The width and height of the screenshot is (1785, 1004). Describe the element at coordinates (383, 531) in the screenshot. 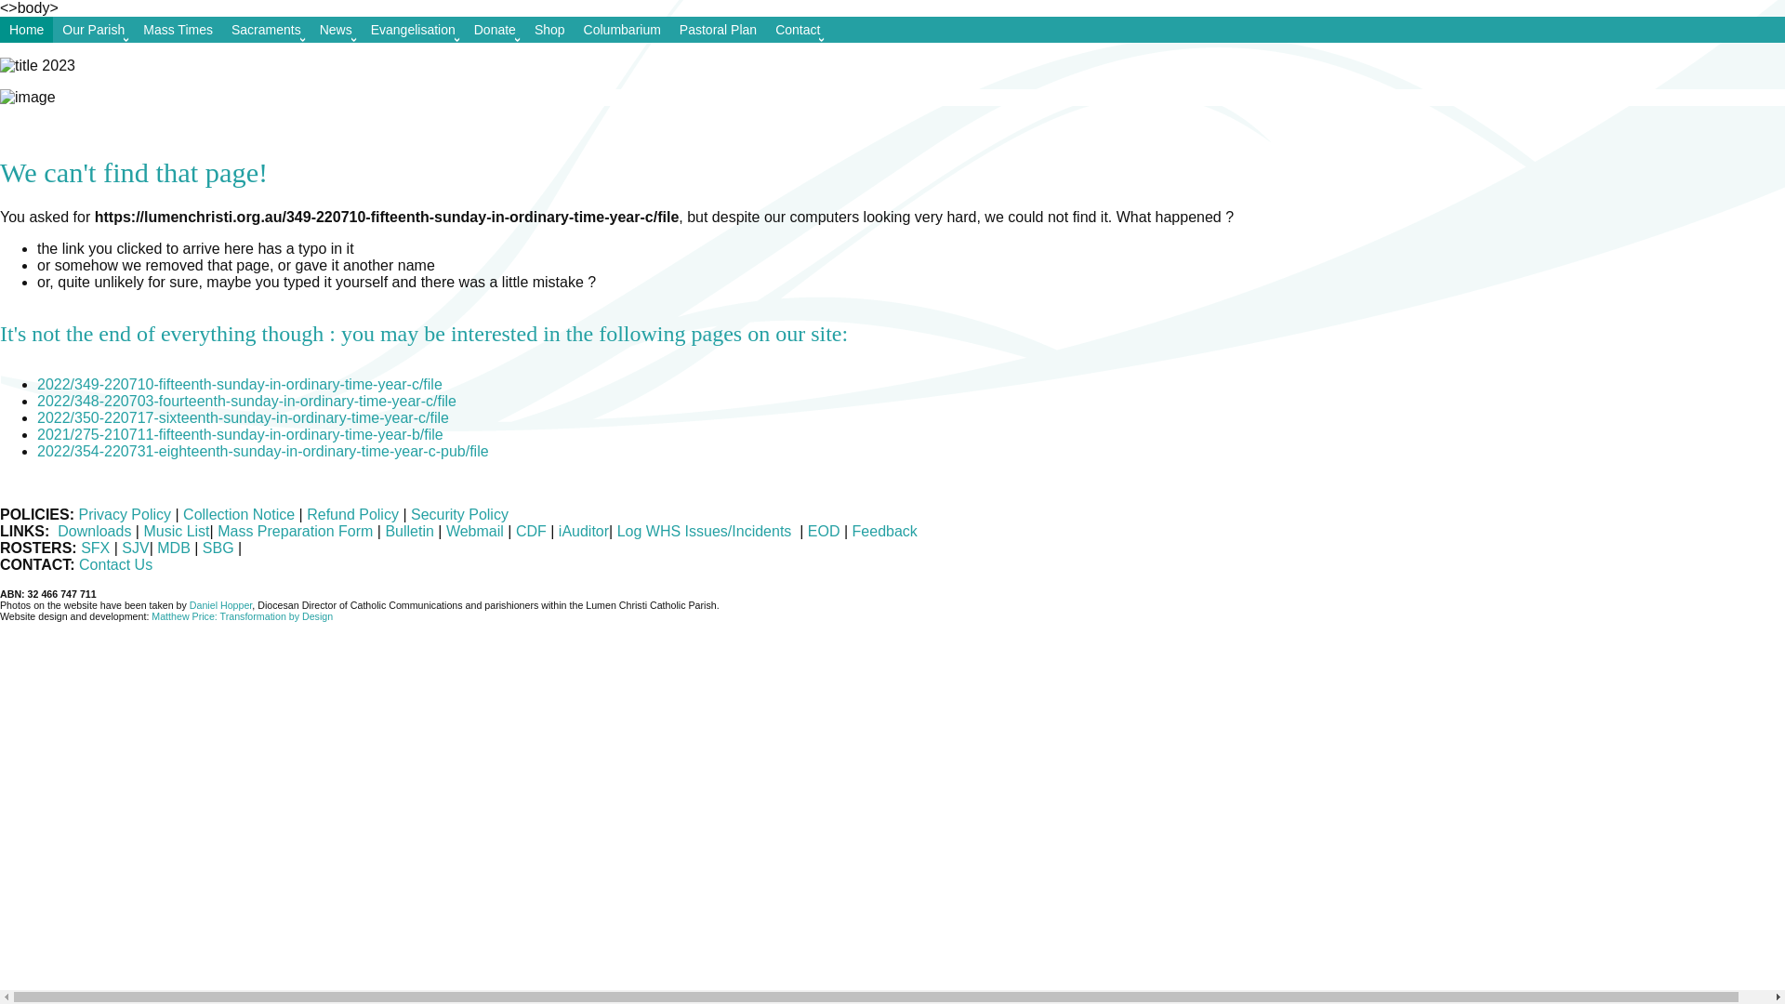

I see `'Bulletin'` at that location.